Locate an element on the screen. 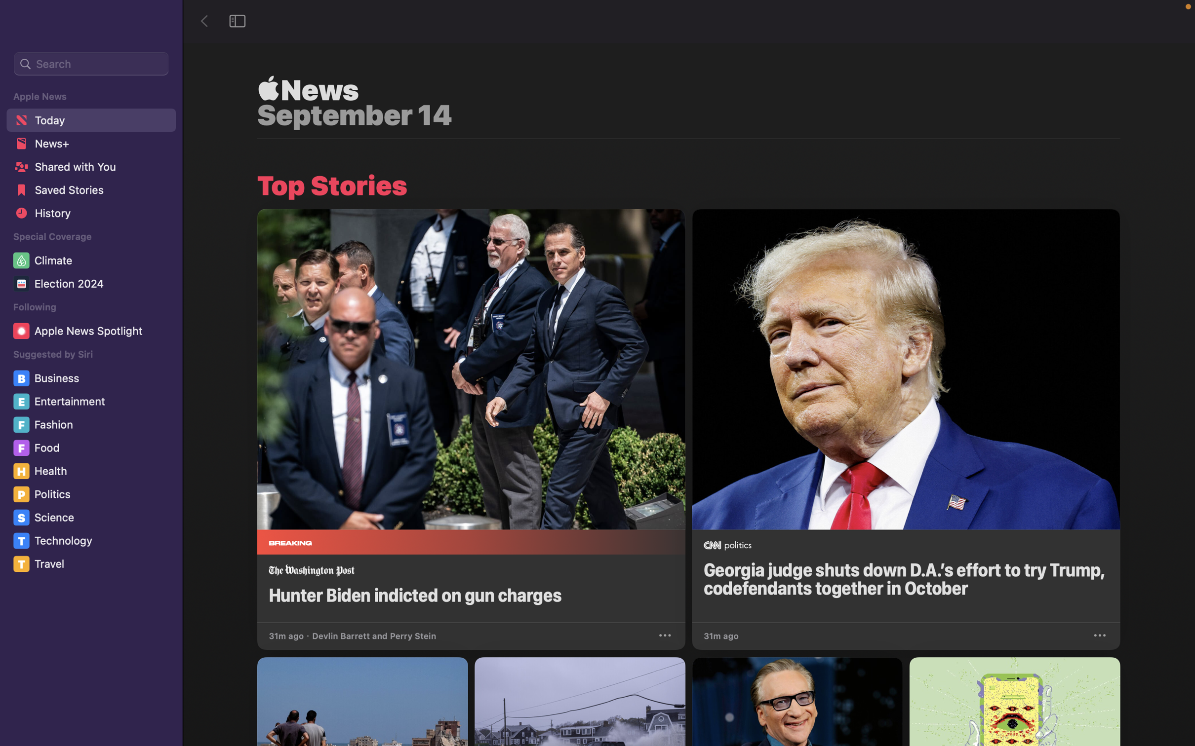 This screenshot has width=1195, height=746. the sidebar tab is located at coordinates (238, 20).